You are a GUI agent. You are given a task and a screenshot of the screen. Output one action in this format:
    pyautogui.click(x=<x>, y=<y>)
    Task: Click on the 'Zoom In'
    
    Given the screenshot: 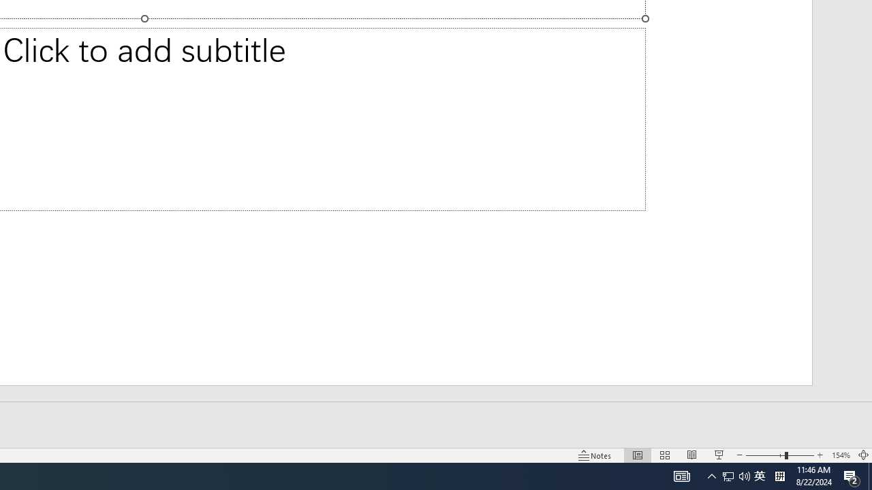 What is the action you would take?
    pyautogui.click(x=820, y=455)
    